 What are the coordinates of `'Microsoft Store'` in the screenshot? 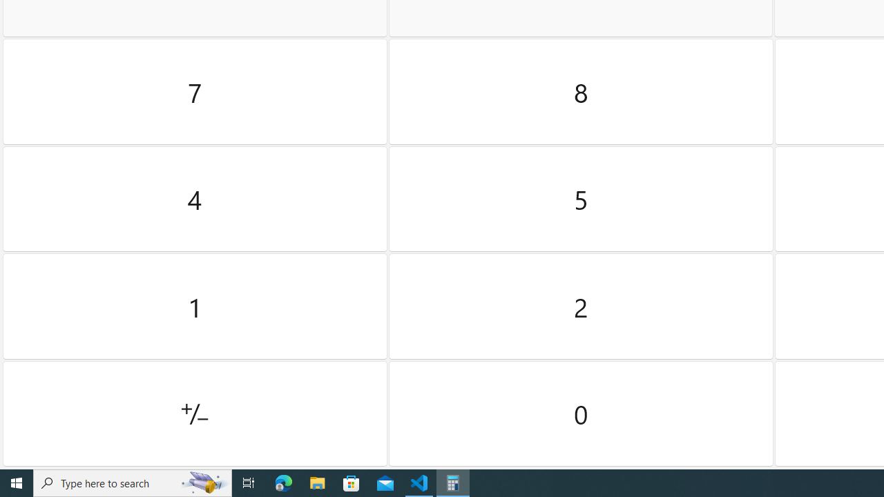 It's located at (352, 482).